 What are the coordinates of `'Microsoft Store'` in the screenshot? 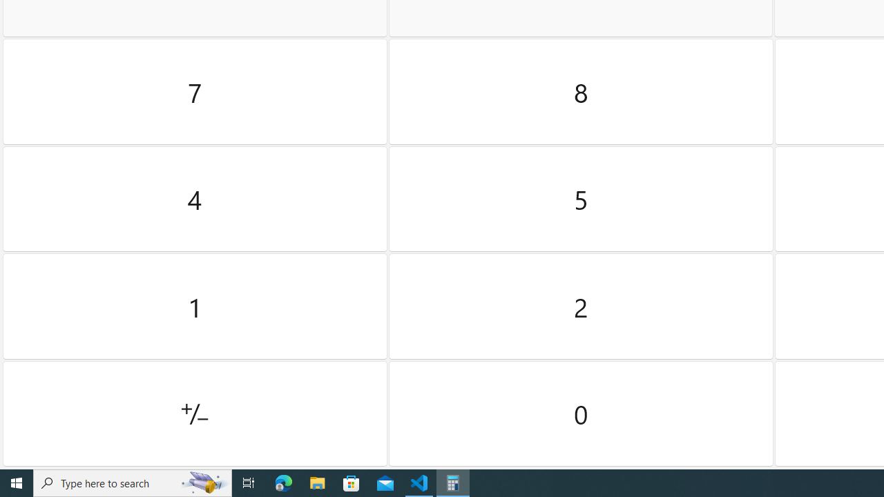 It's located at (352, 482).